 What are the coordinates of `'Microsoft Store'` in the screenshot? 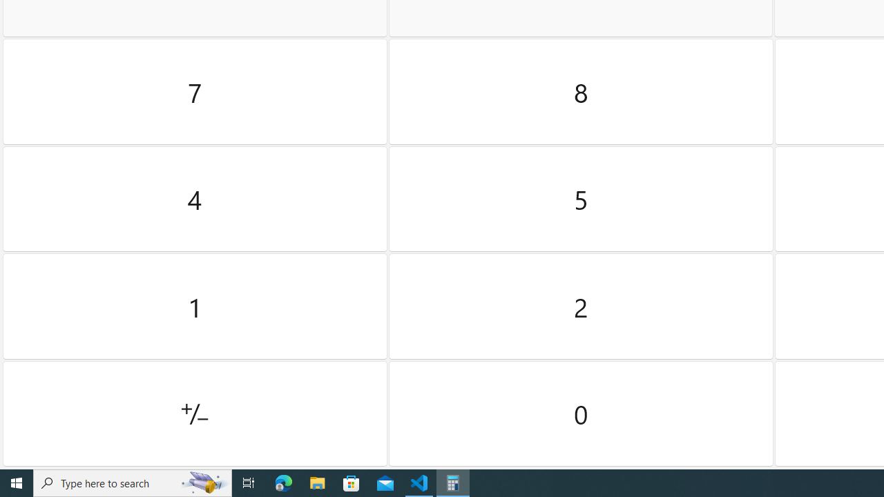 It's located at (352, 482).